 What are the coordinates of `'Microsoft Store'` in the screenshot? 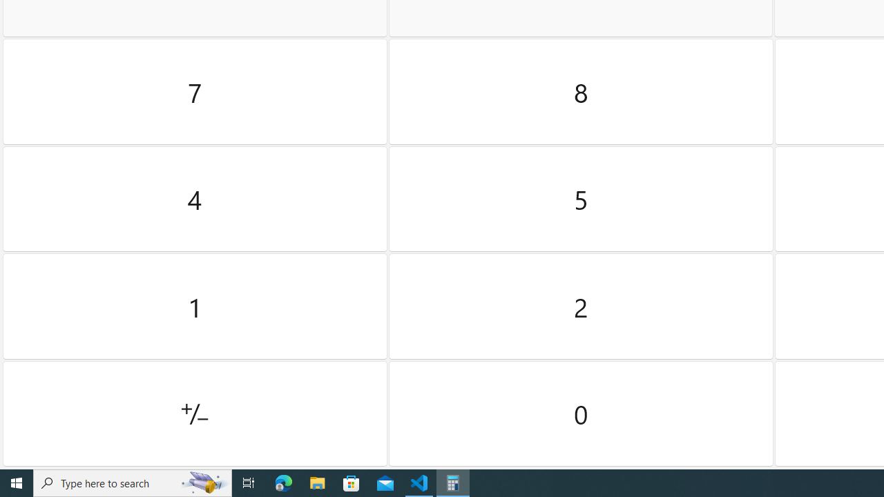 It's located at (352, 482).